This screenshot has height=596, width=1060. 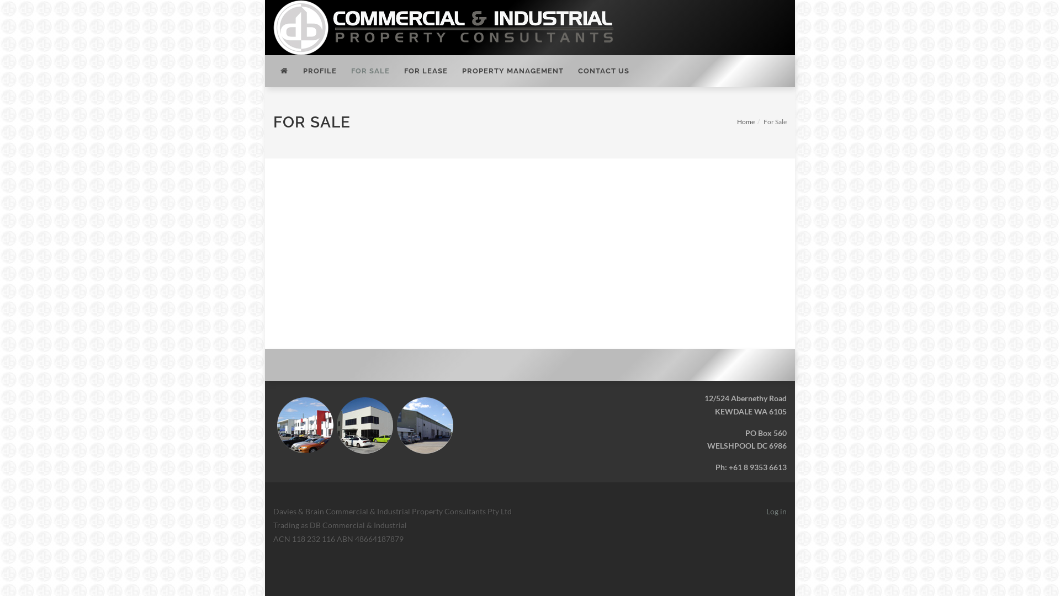 What do you see at coordinates (425, 71) in the screenshot?
I see `'FOR LEASE'` at bounding box center [425, 71].